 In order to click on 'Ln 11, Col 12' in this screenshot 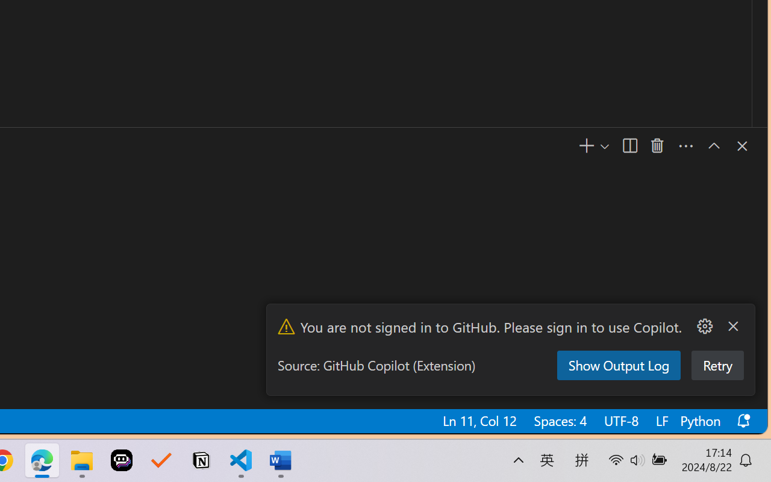, I will do `click(478, 421)`.